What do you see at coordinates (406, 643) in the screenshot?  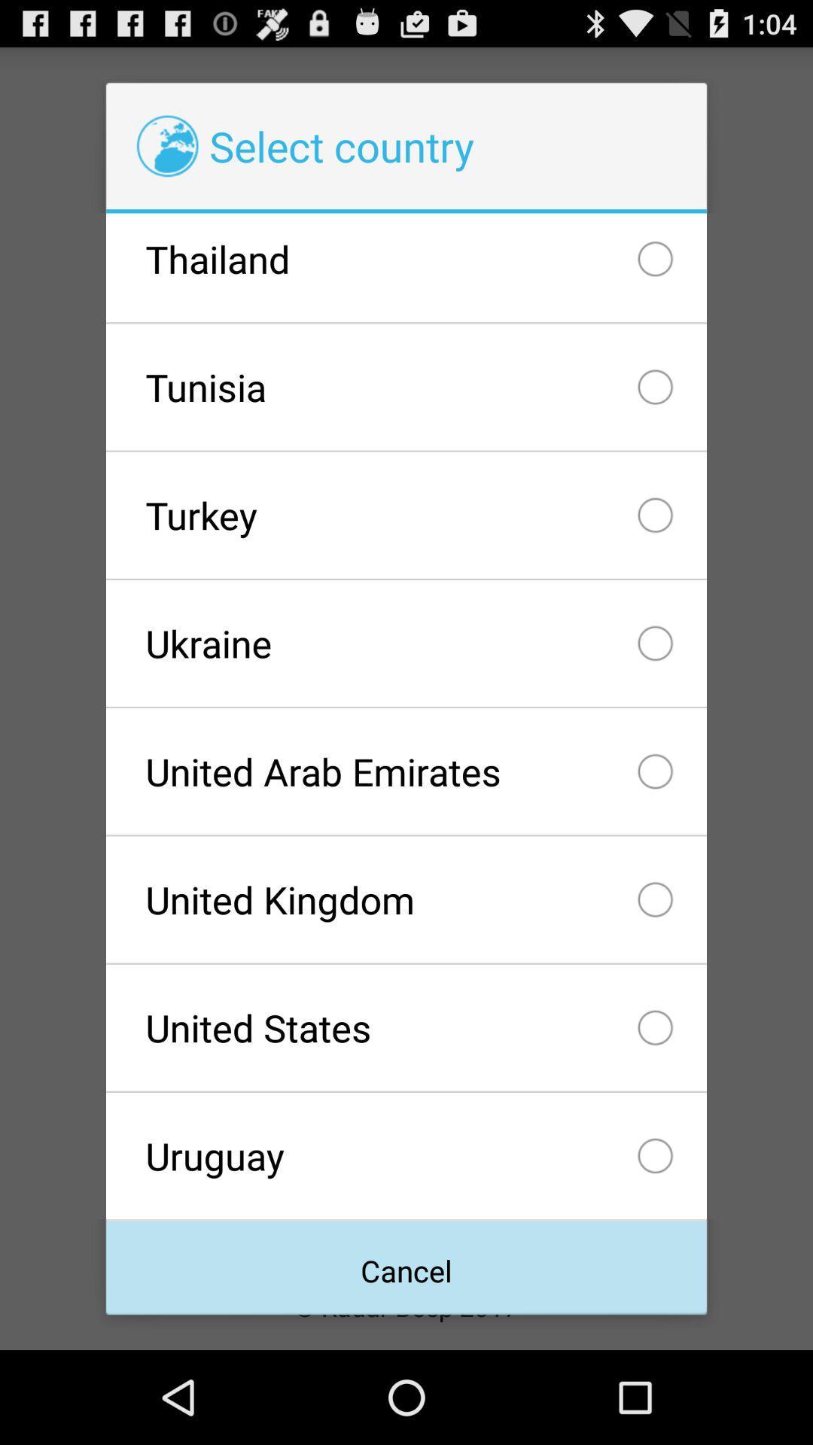 I see `the ukraine checkbox` at bounding box center [406, 643].